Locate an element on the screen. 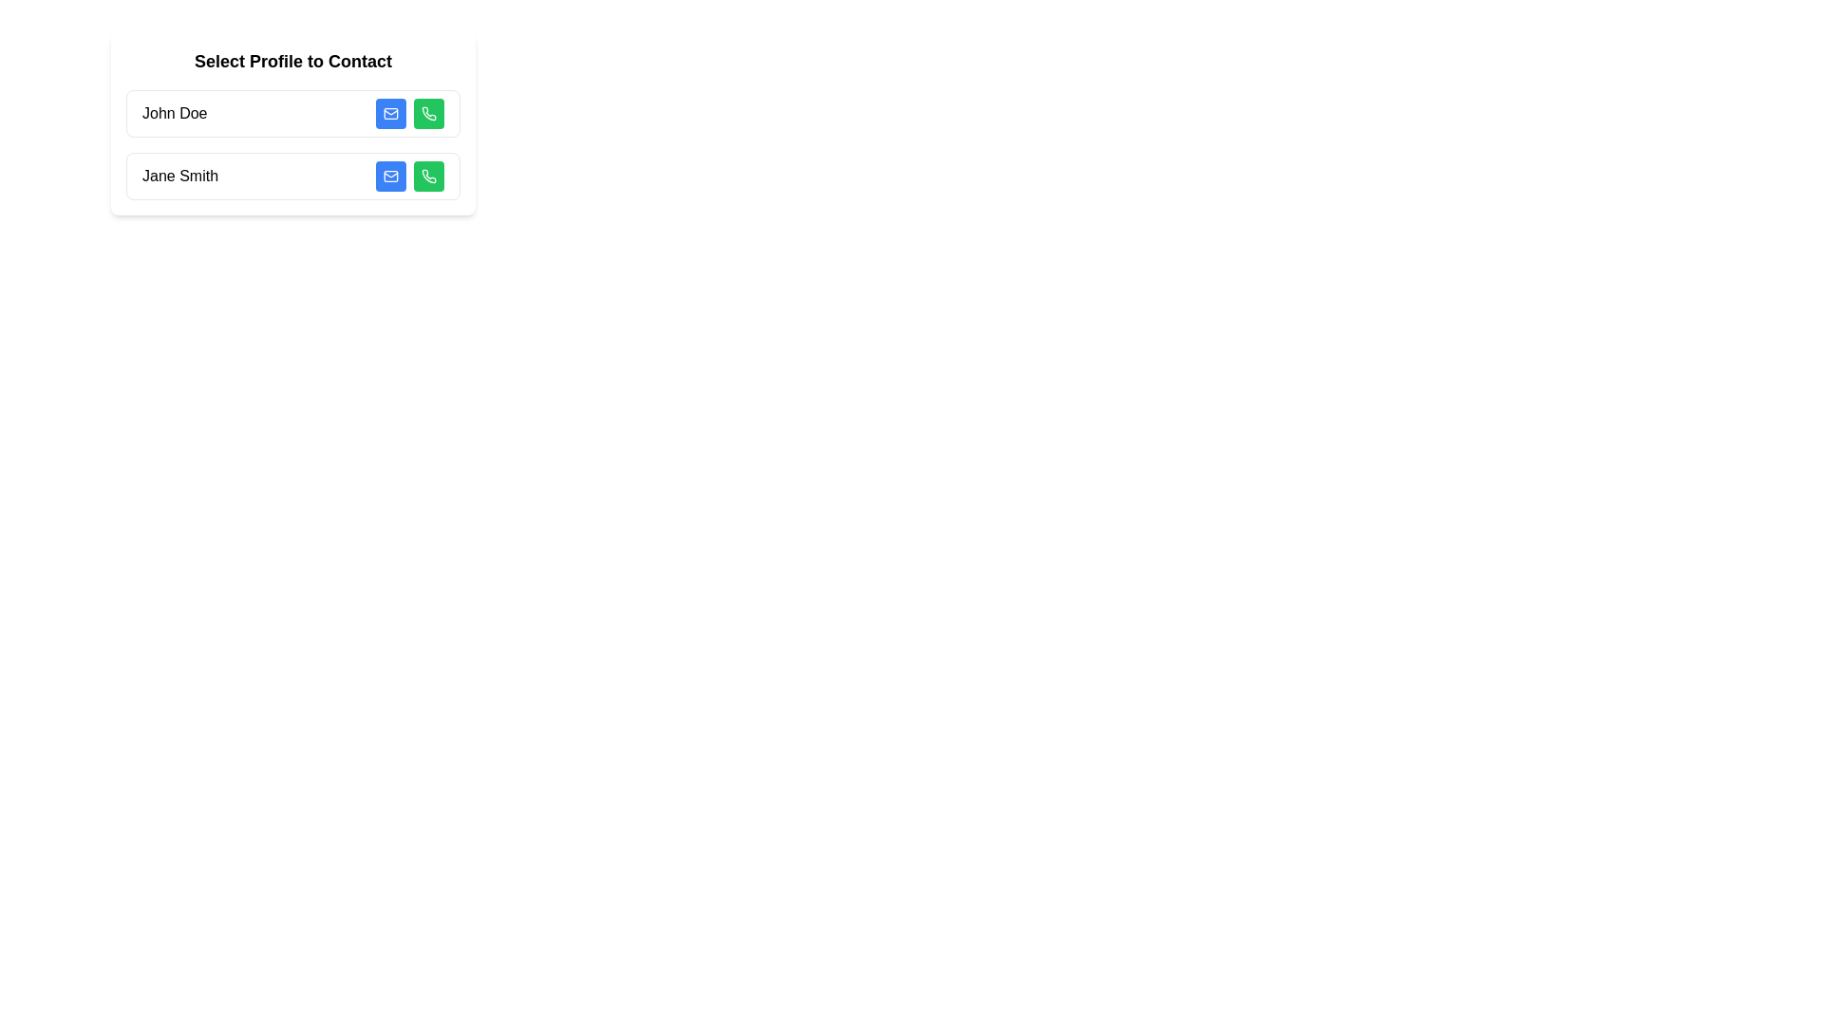  the text element displaying 'John Doe' is located at coordinates (175, 113).